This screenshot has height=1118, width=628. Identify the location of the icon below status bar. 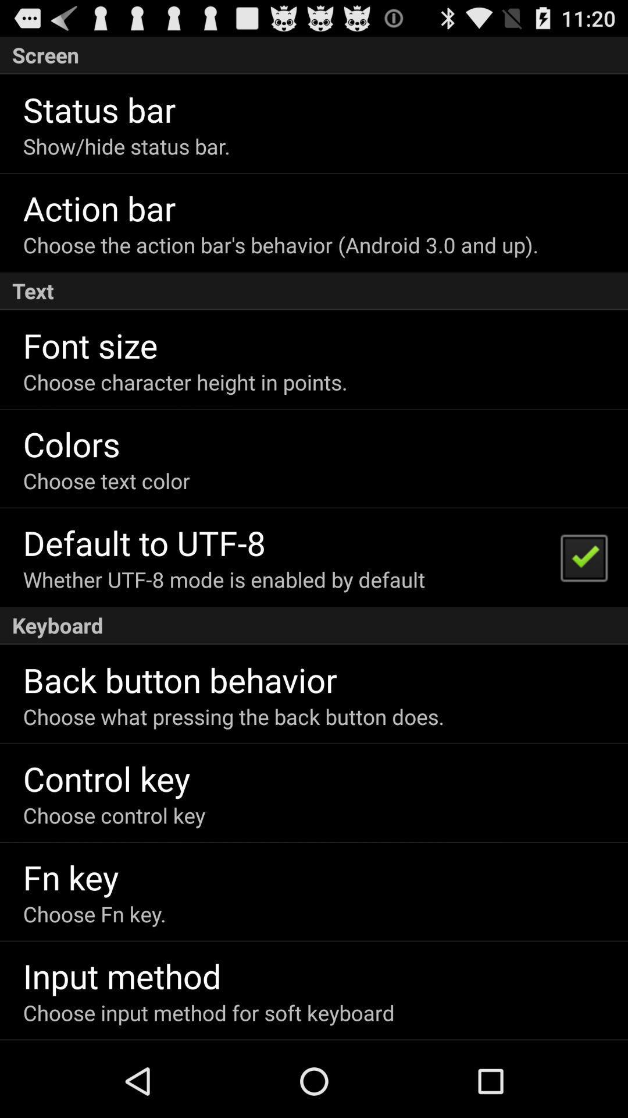
(126, 146).